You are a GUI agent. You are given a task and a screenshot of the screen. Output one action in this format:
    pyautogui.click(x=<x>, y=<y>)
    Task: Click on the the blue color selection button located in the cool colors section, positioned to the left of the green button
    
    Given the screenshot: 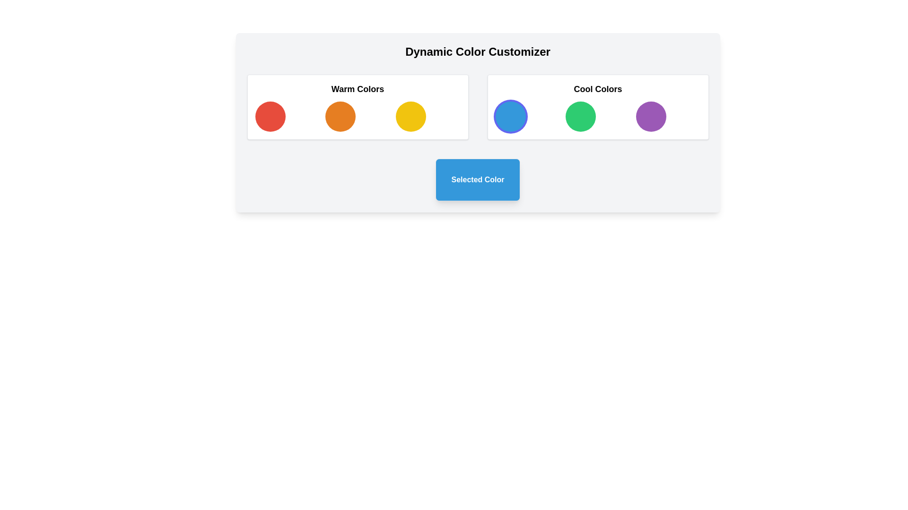 What is the action you would take?
    pyautogui.click(x=510, y=116)
    